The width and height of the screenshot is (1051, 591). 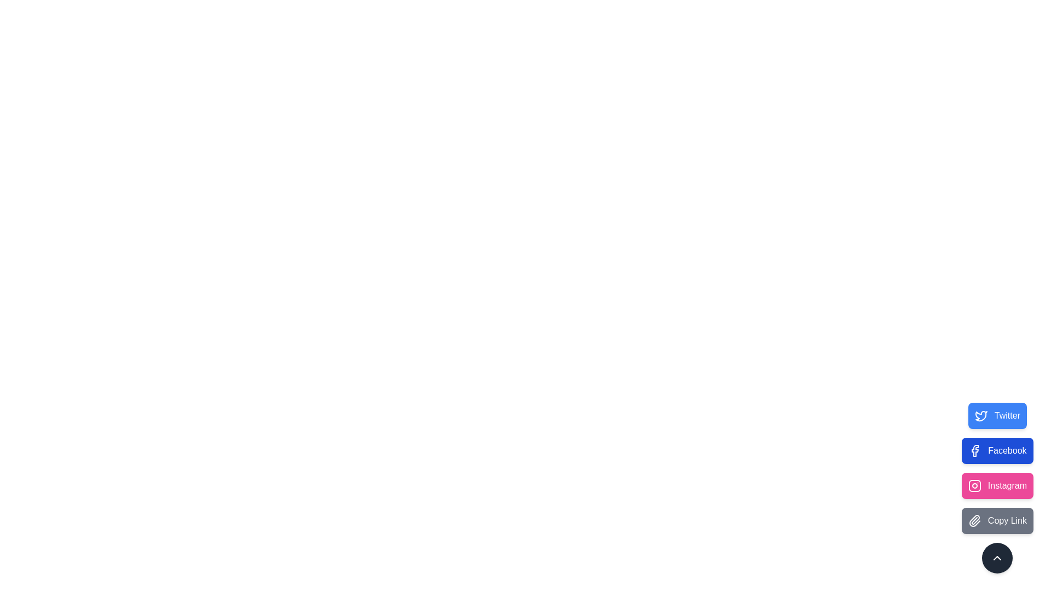 What do you see at coordinates (997, 415) in the screenshot?
I see `the Twitter button to observe visual feedback` at bounding box center [997, 415].